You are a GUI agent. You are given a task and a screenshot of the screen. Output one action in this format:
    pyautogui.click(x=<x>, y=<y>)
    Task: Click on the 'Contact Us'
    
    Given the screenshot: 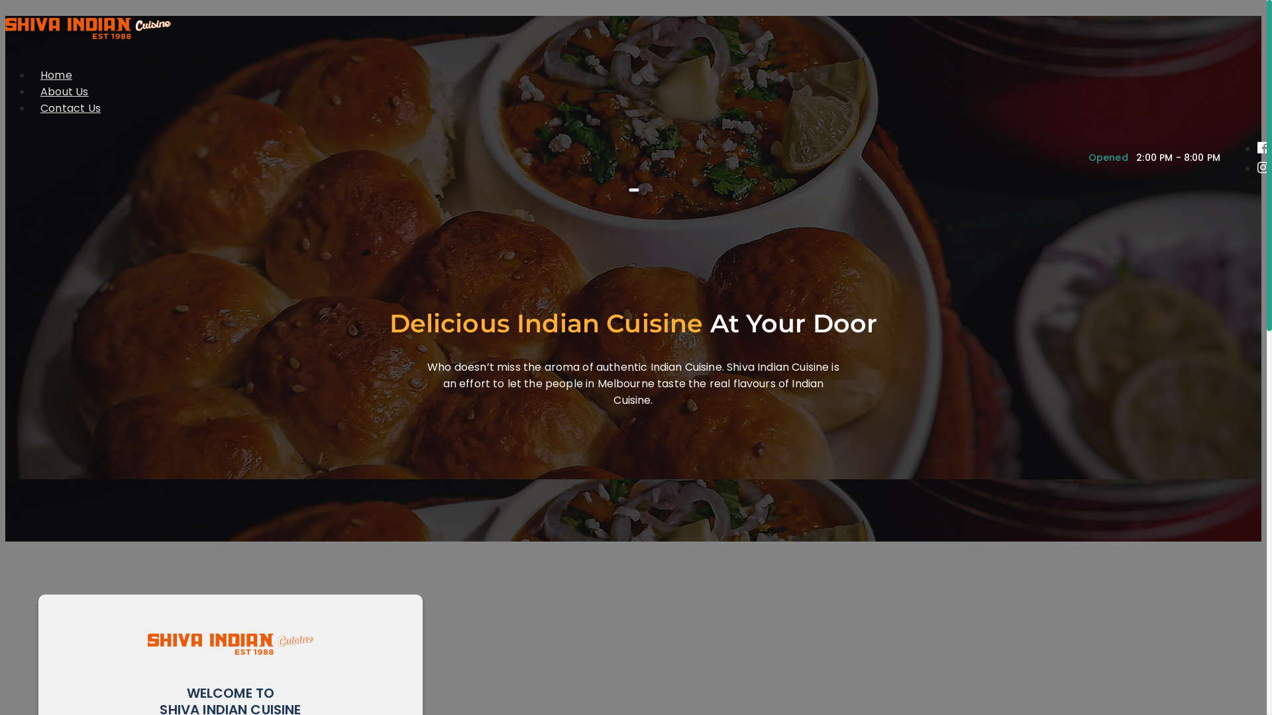 What is the action you would take?
    pyautogui.click(x=70, y=107)
    